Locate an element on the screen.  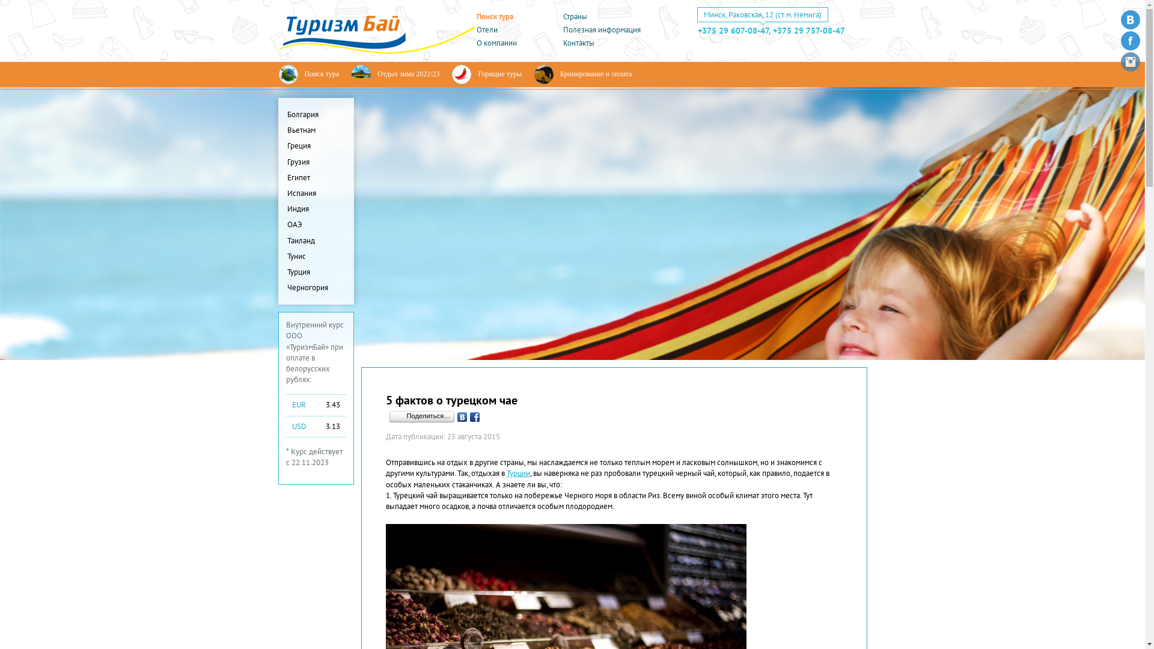
'Facebook' is located at coordinates (474, 416).